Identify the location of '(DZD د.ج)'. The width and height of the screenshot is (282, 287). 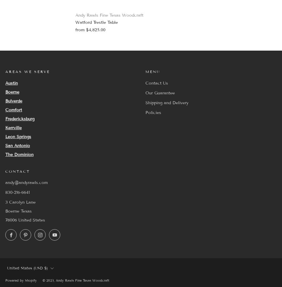
(33, 226).